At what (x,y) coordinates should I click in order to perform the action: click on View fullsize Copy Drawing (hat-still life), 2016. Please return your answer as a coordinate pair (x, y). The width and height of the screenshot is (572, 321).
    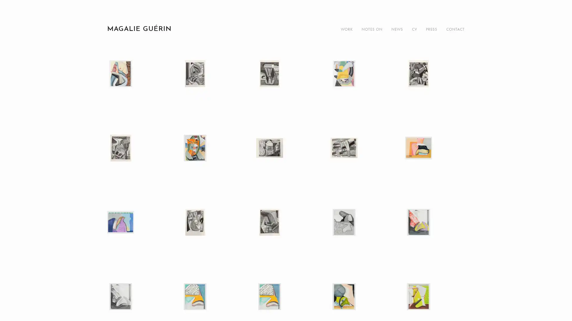
    Looking at the image, I should click on (137, 238).